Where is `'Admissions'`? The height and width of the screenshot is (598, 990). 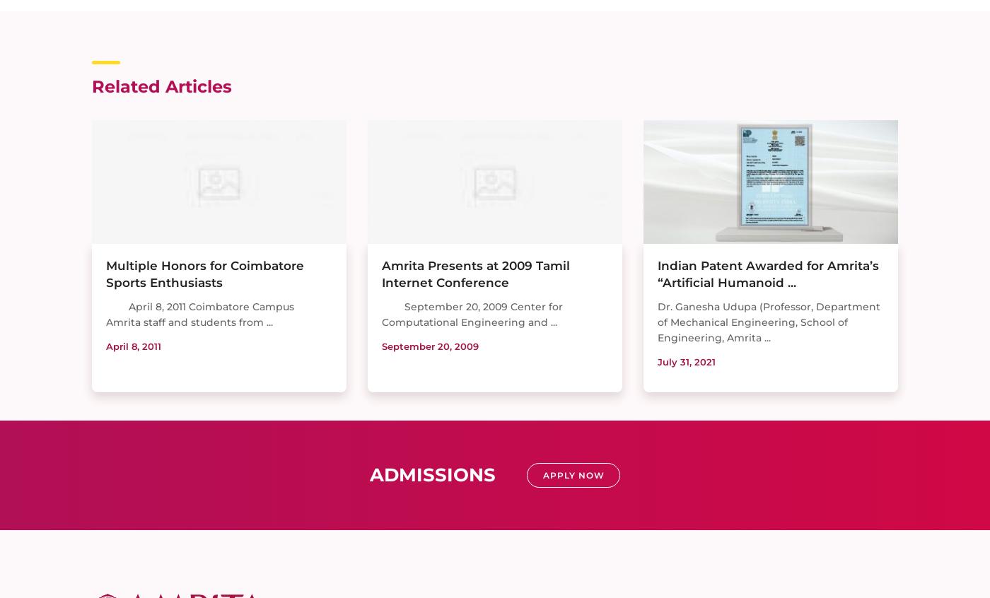 'Admissions' is located at coordinates (432, 474).